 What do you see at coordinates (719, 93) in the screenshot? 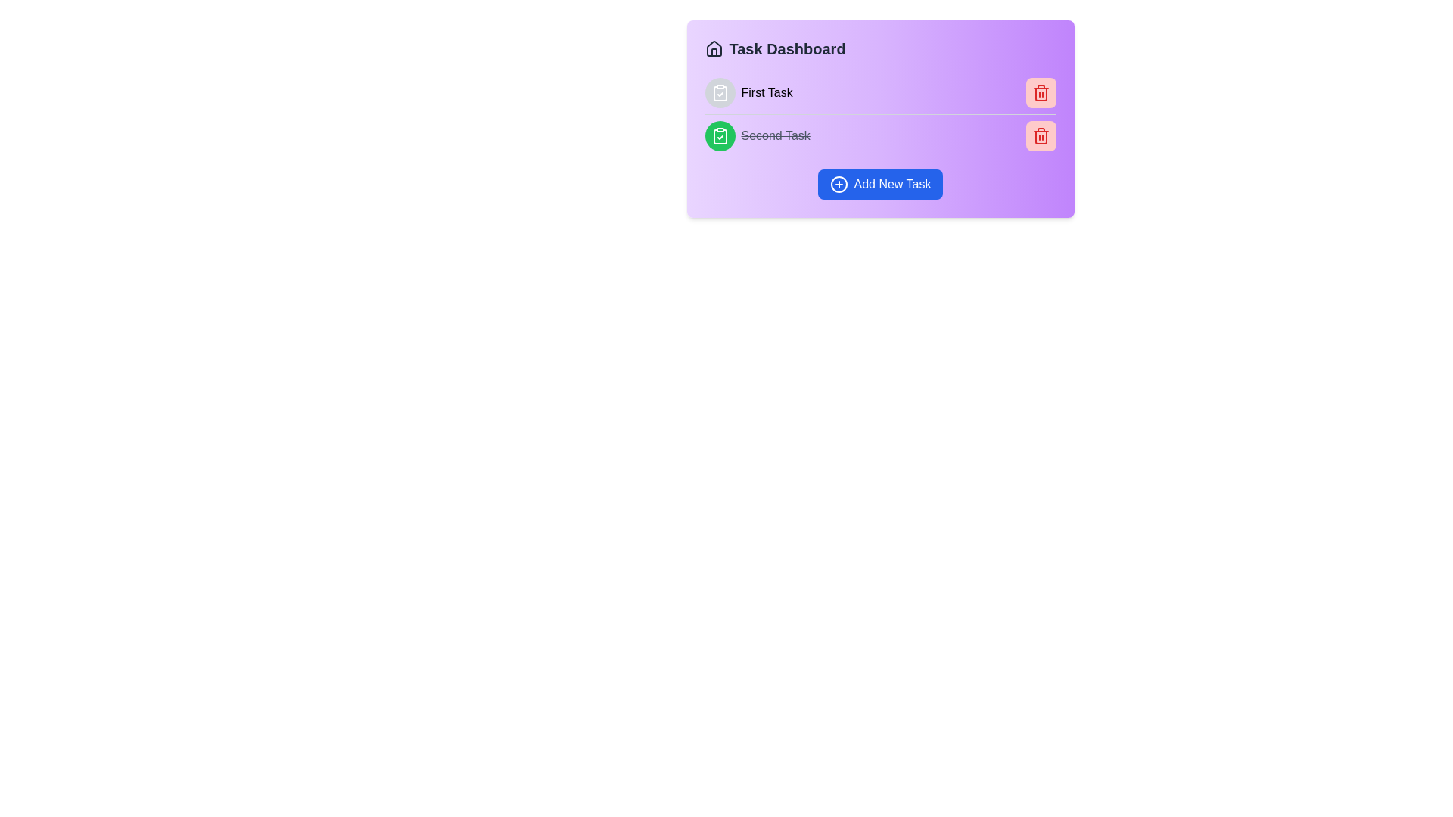
I see `the success icon located on the left side of the second task entry in the task list of the task dashboard interface` at bounding box center [719, 93].